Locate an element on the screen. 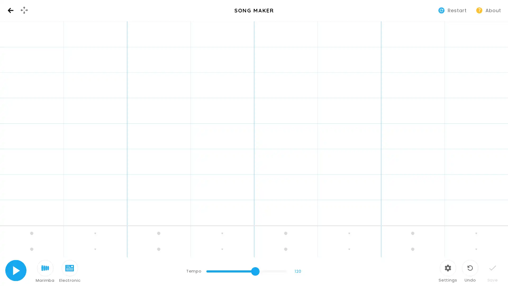 This screenshot has width=508, height=286. Play is located at coordinates (16, 270).